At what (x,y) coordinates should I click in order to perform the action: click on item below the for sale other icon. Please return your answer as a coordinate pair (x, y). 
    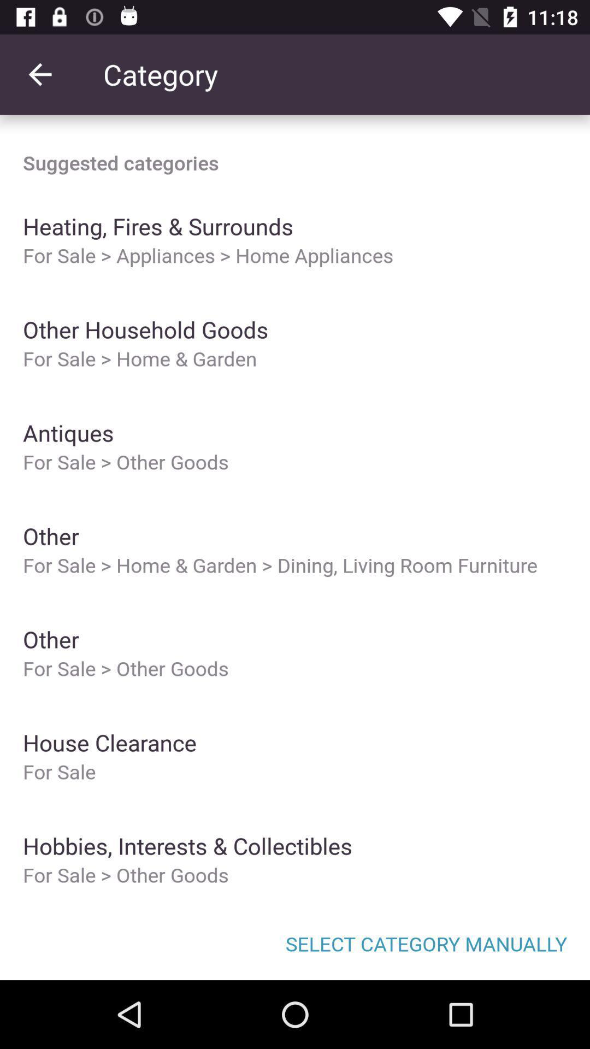
    Looking at the image, I should click on (295, 943).